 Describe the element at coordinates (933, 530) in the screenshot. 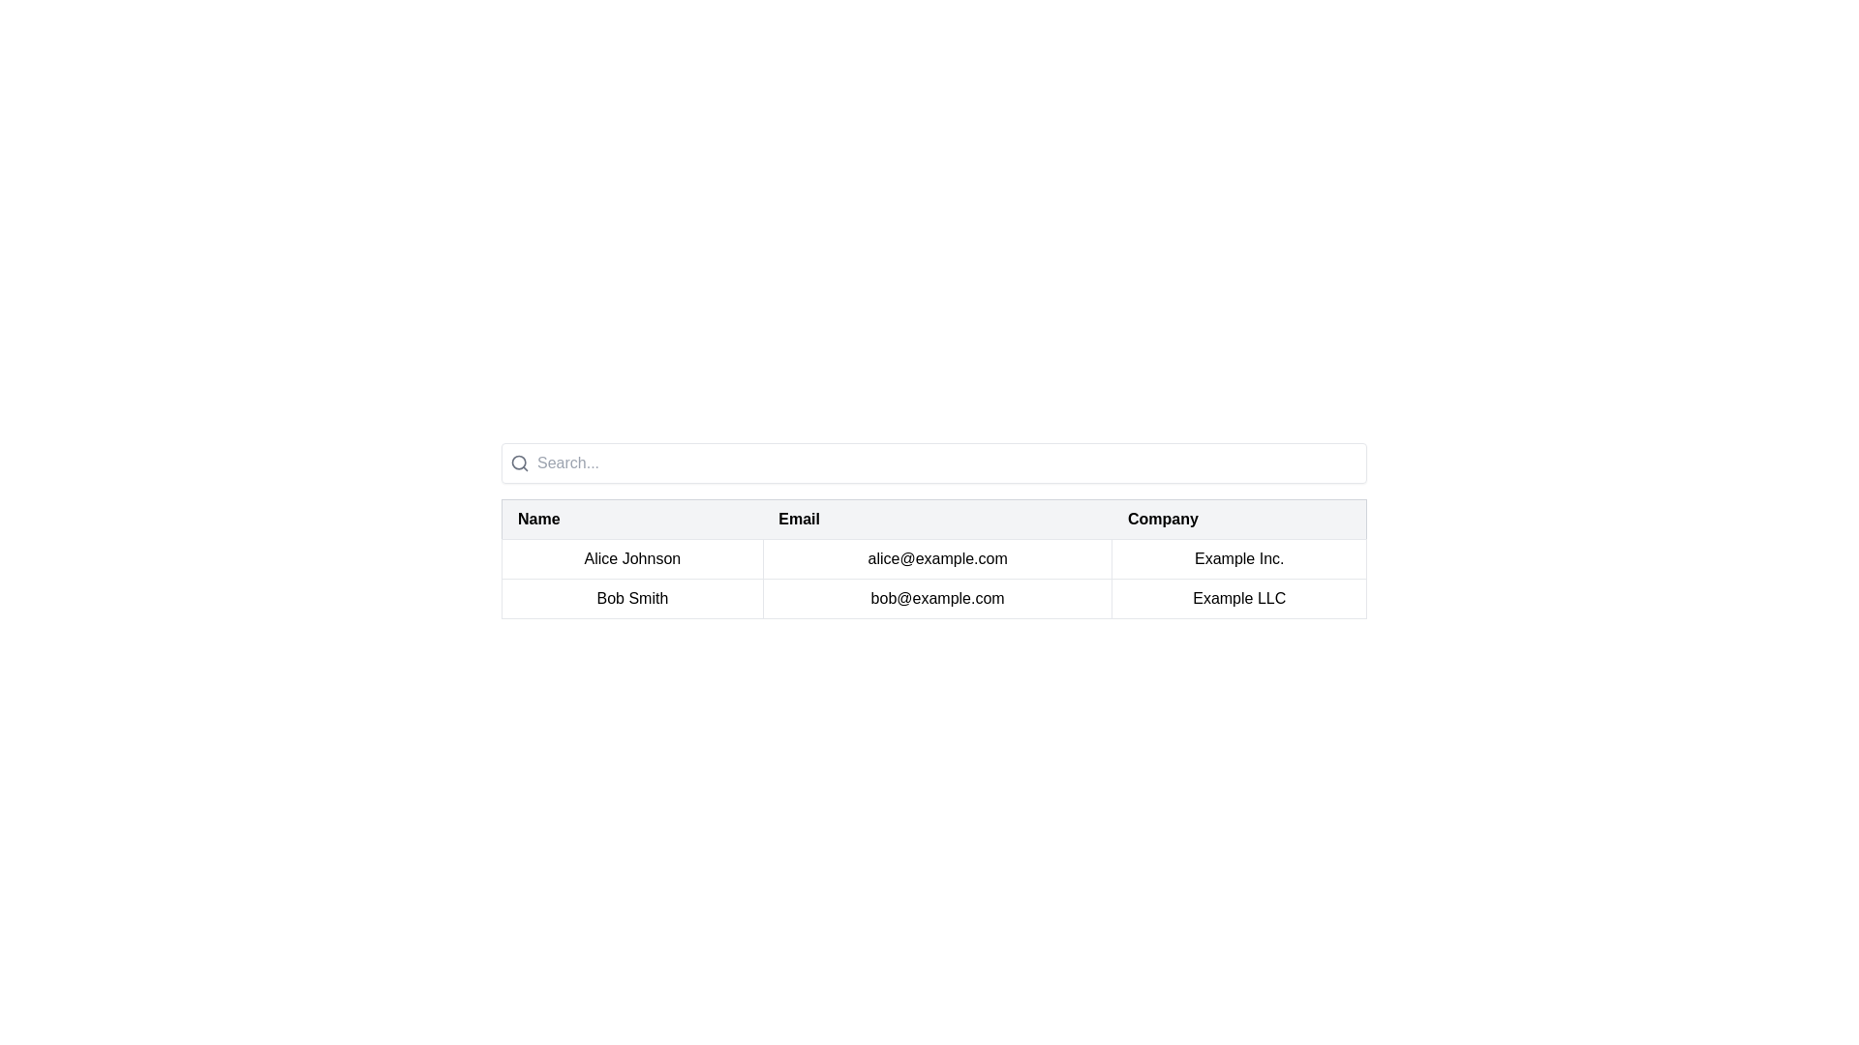

I see `specific cells within the data grid displaying names, emails, and companies, located centrally beneath the search bar` at that location.